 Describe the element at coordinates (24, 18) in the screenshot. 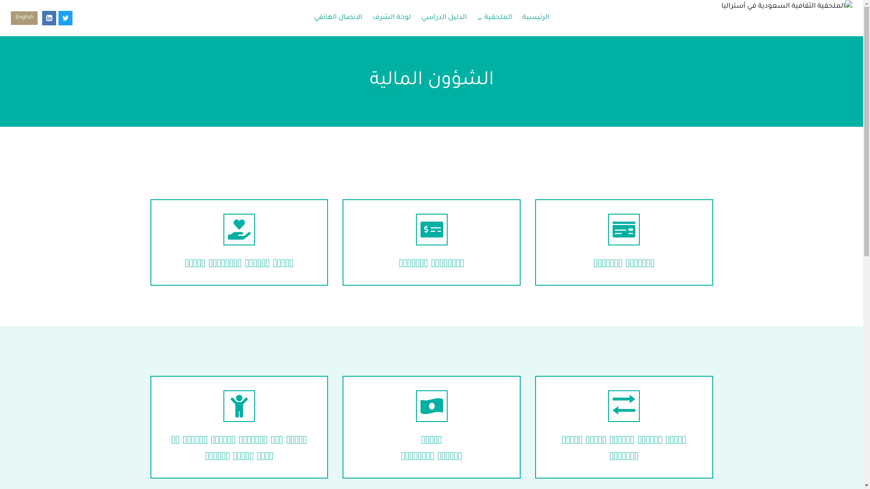

I see `'English'` at that location.